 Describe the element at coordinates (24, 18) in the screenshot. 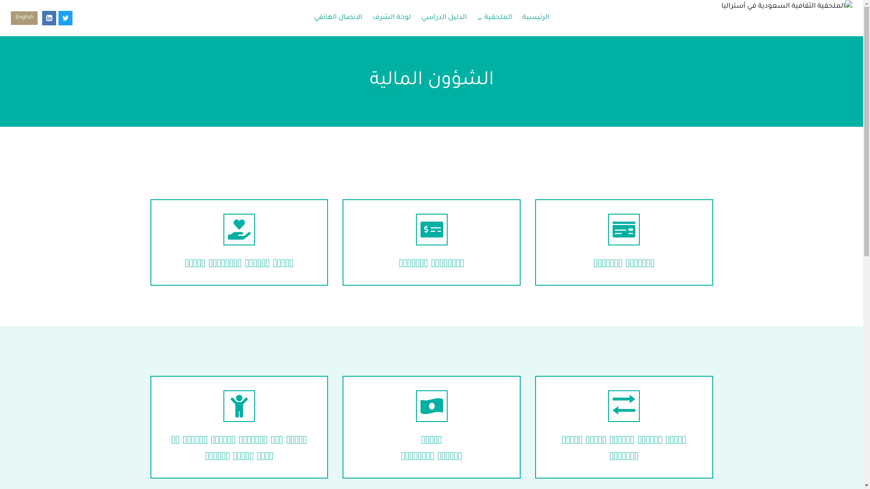

I see `'English'` at that location.